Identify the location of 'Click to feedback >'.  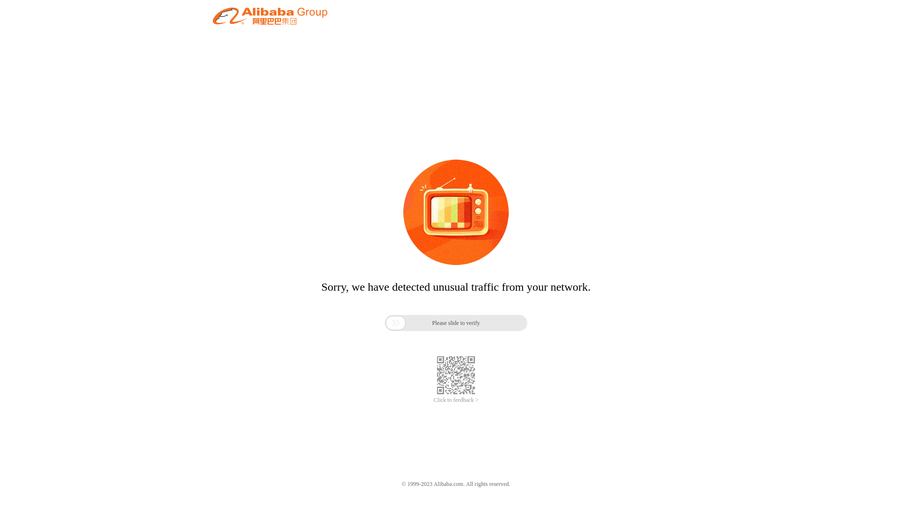
(456, 400).